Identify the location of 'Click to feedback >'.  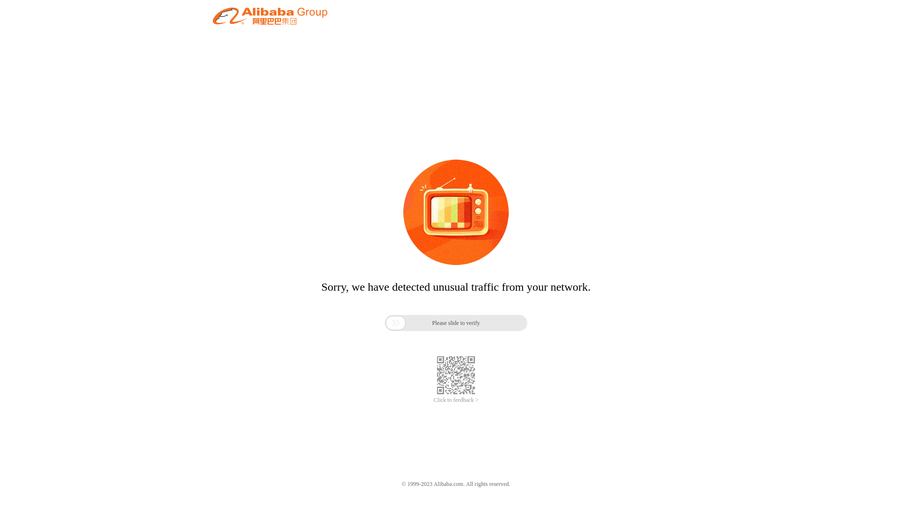
(456, 400).